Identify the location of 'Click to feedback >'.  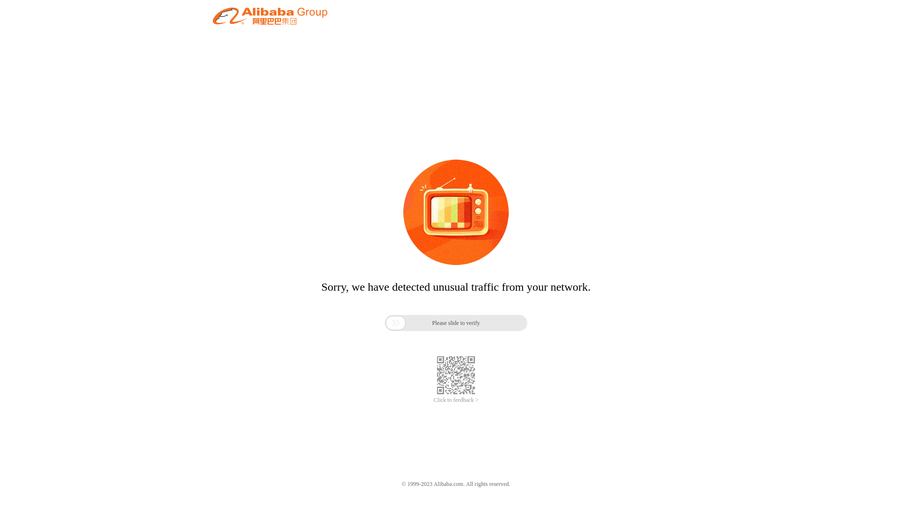
(456, 400).